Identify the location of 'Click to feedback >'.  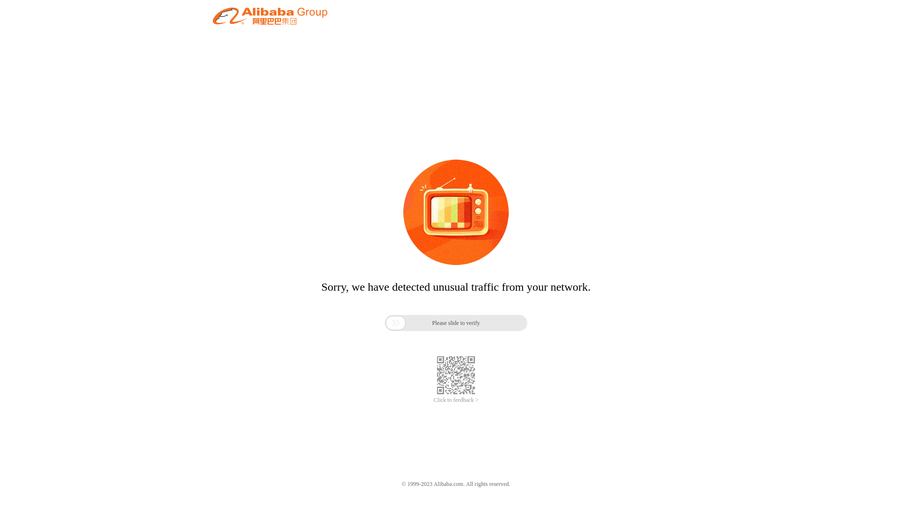
(456, 400).